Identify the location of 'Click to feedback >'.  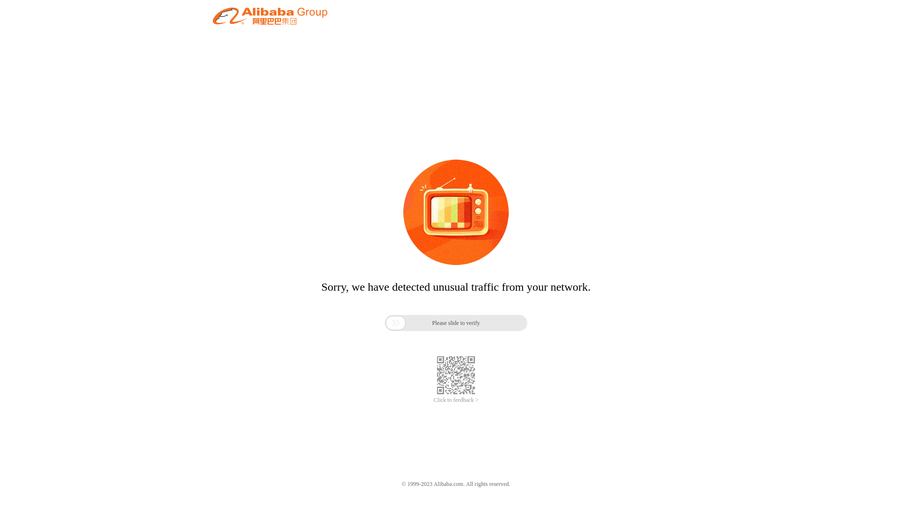
(456, 400).